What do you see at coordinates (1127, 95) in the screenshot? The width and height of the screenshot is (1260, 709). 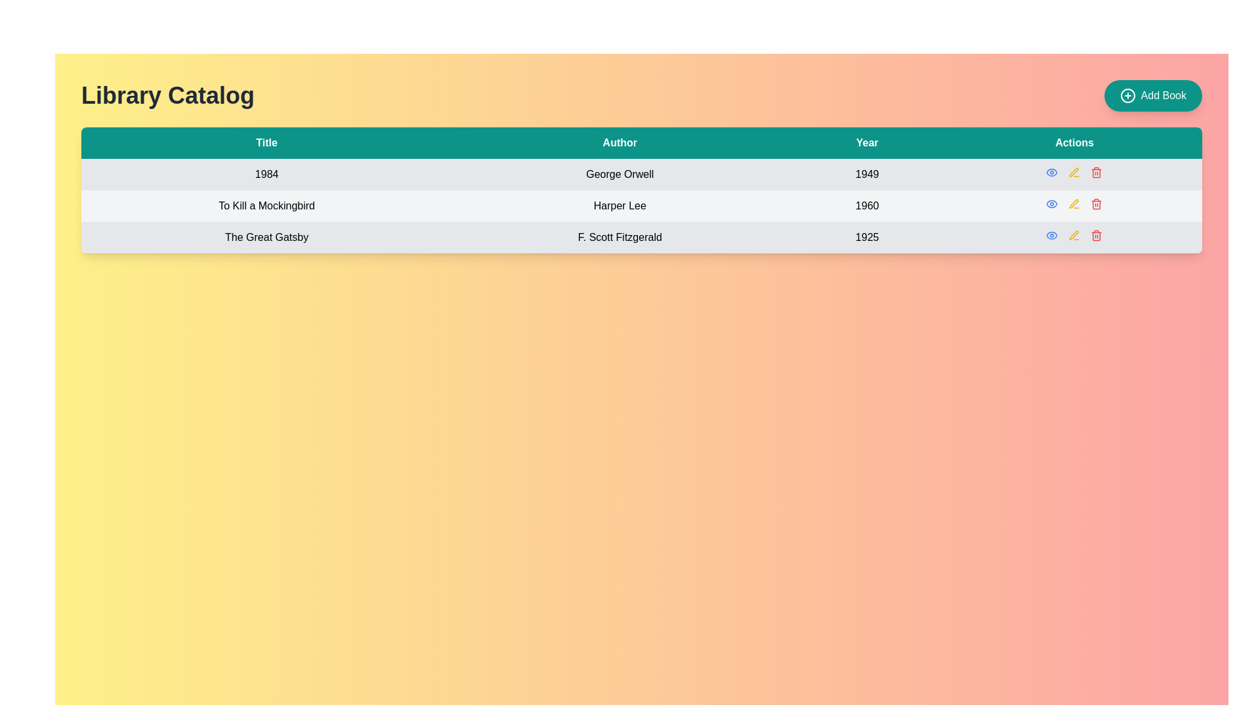 I see `the circular icon with a teal stroke color that contains a plus symbol, located to the left of the 'Add Book' text in the button` at bounding box center [1127, 95].